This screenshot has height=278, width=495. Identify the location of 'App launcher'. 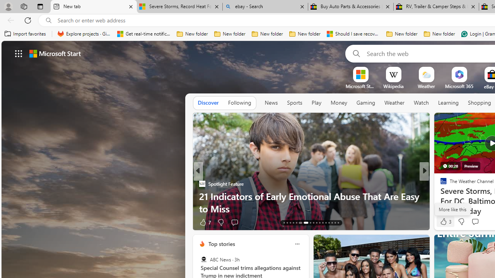
(19, 53).